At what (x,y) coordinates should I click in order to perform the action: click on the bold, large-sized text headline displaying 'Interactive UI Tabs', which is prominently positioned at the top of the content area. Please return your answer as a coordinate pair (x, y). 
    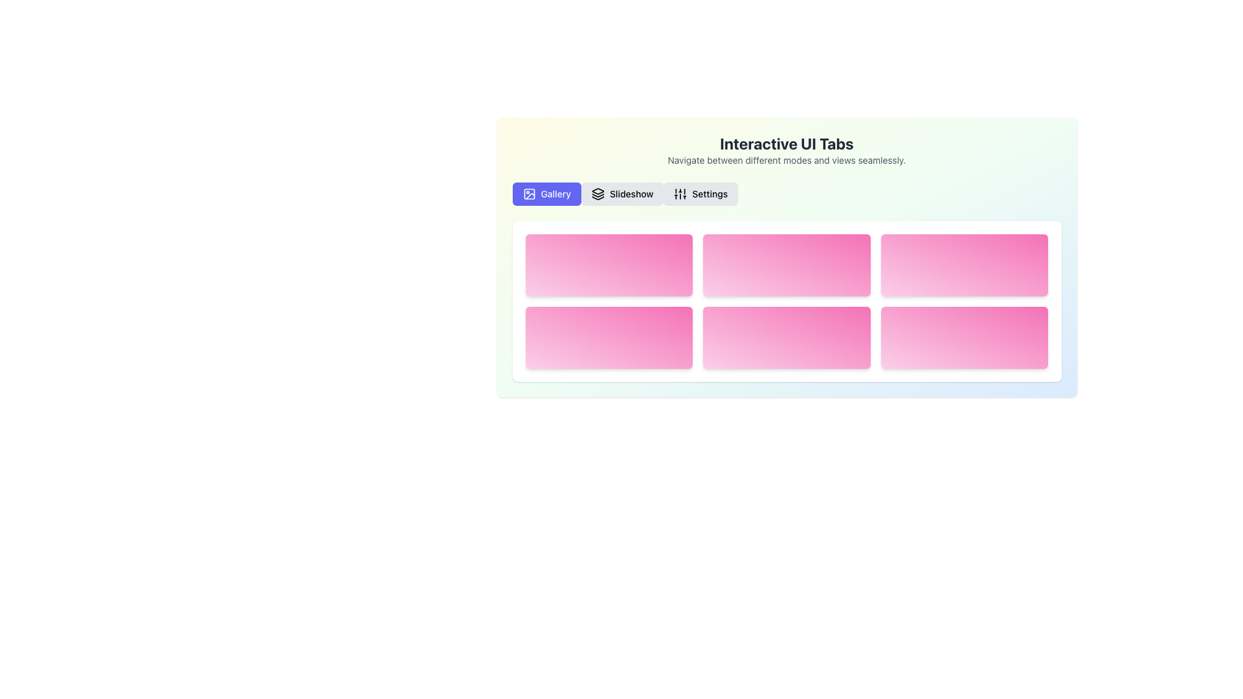
    Looking at the image, I should click on (786, 144).